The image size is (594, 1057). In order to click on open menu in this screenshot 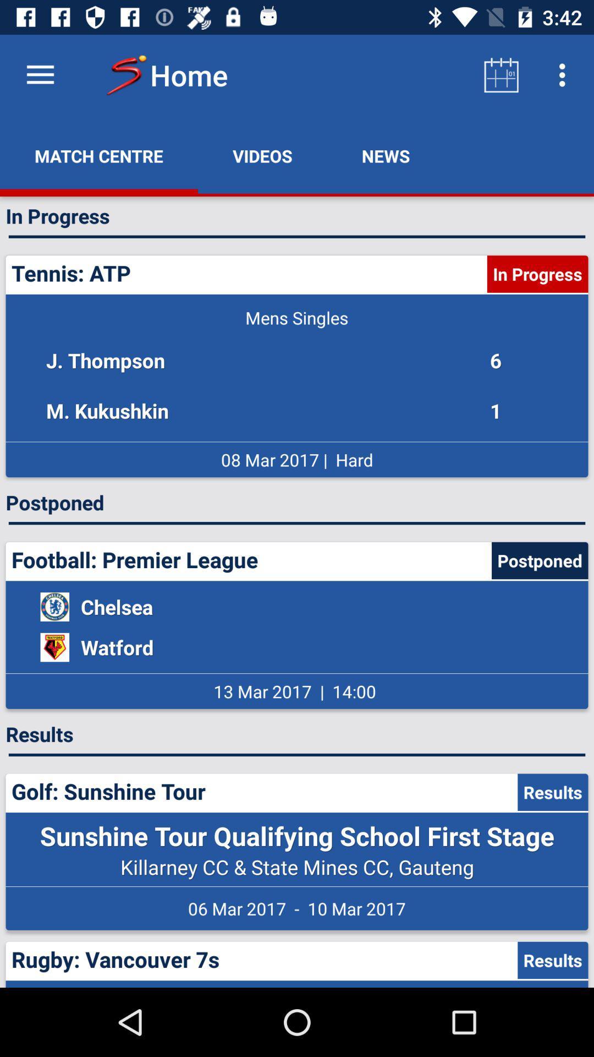, I will do `click(40, 74)`.